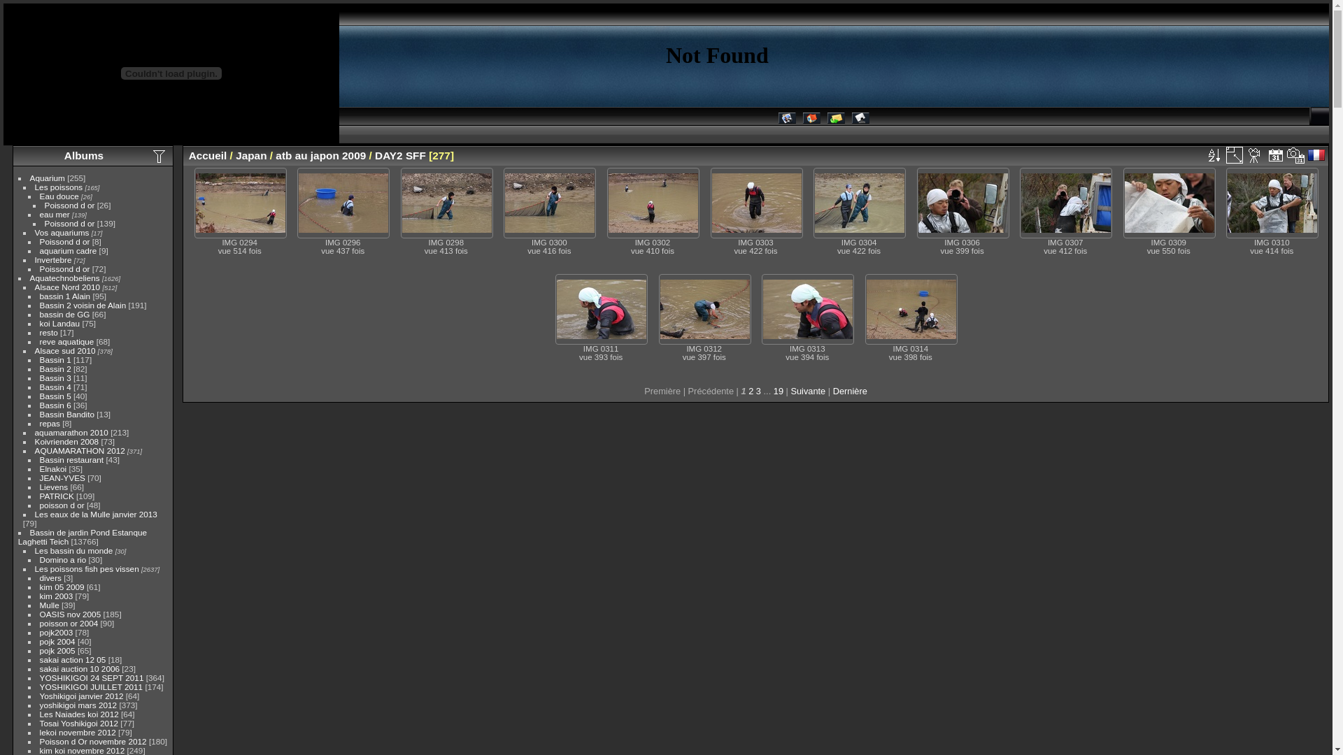 This screenshot has width=1343, height=755. What do you see at coordinates (77, 731) in the screenshot?
I see `'lekoi novembre 2012'` at bounding box center [77, 731].